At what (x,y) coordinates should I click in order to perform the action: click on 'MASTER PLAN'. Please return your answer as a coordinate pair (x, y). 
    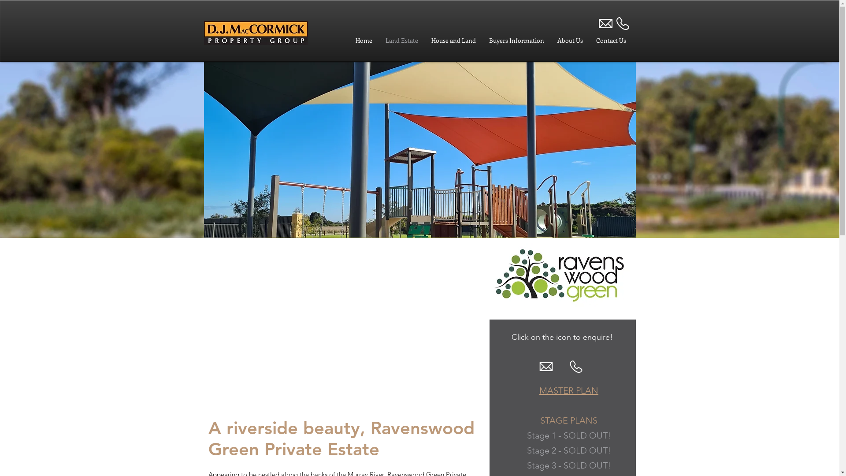
    Looking at the image, I should click on (539, 390).